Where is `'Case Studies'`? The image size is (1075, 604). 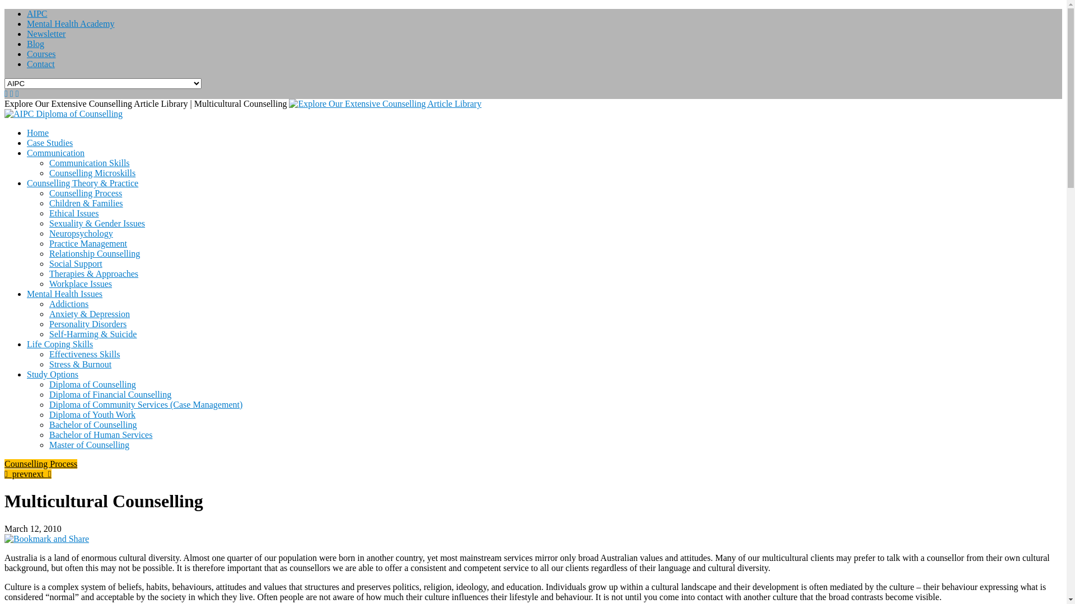 'Case Studies' is located at coordinates (49, 142).